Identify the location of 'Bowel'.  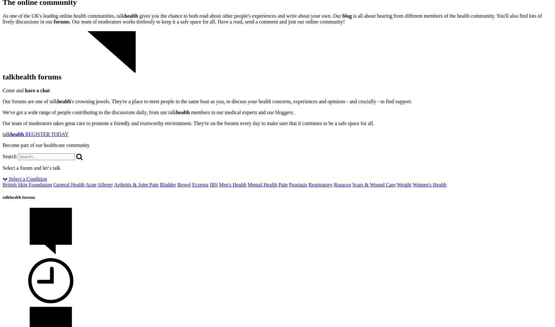
(184, 184).